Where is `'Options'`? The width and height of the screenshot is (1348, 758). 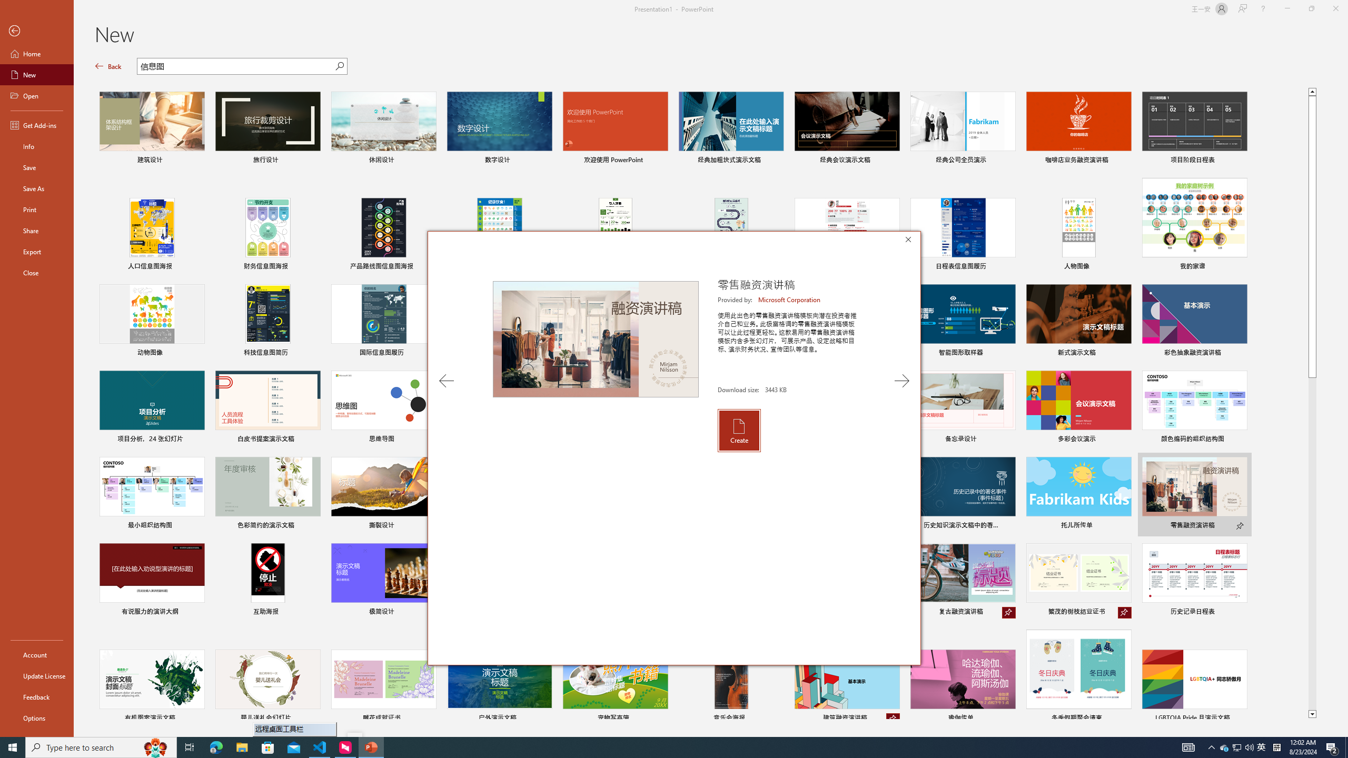
'Options' is located at coordinates (36, 717).